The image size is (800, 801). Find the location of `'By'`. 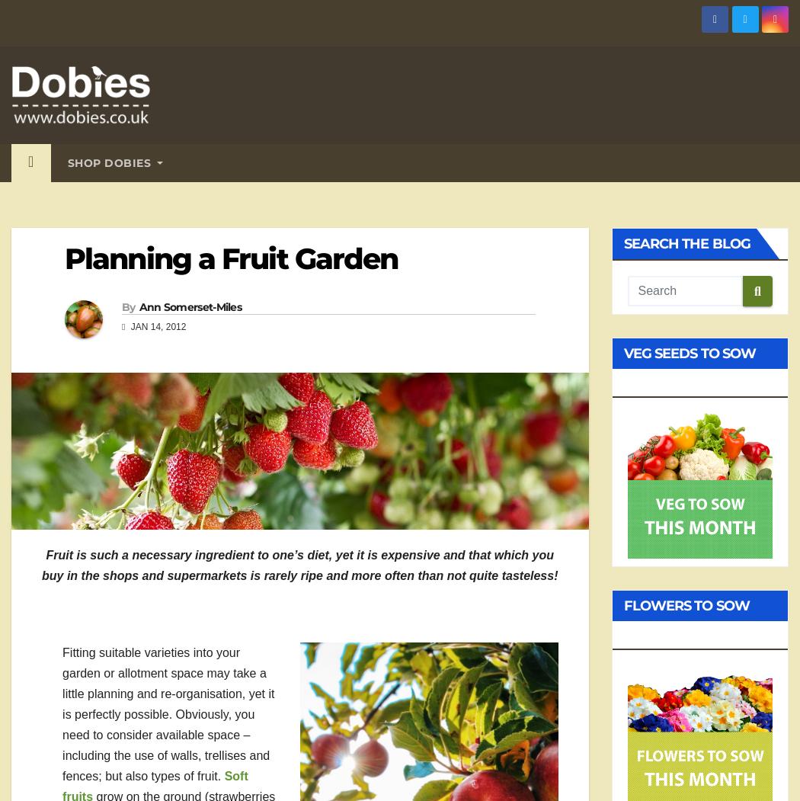

'By' is located at coordinates (128, 306).